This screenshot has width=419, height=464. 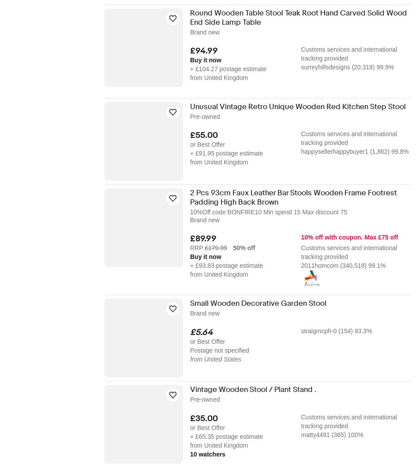 What do you see at coordinates (347, 67) in the screenshot?
I see `'surreyhillsdesigns (20,318) 99.9%'` at bounding box center [347, 67].